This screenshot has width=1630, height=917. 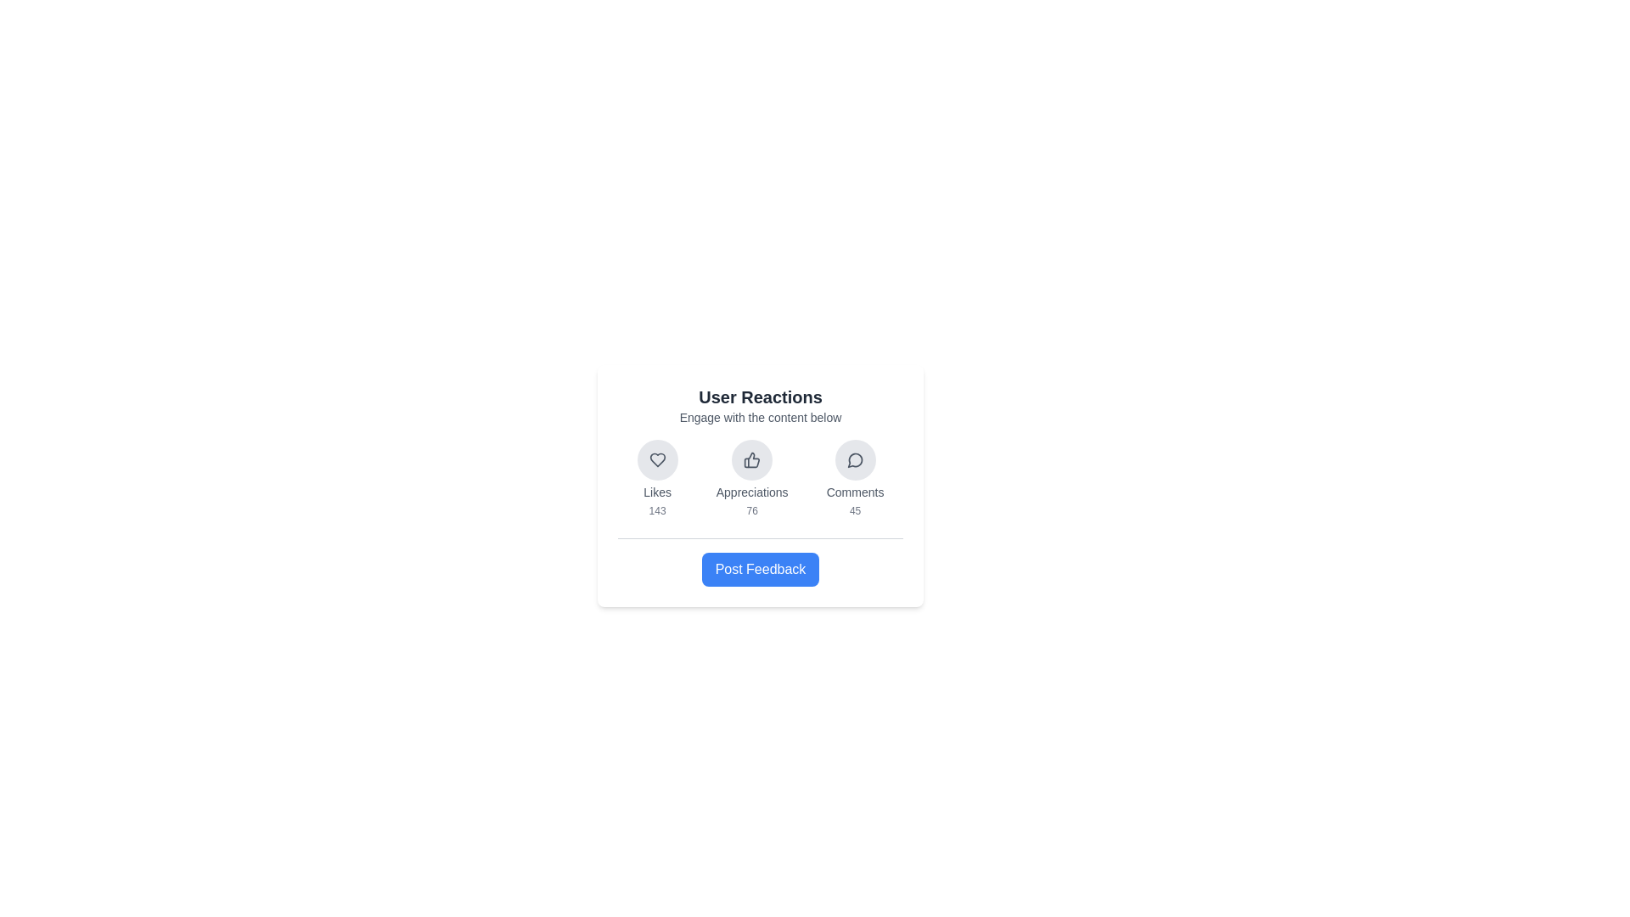 I want to click on the numeric data displayed in the composite information display widget that represents the count of appreciations received, which is visually indicated by a thumbs-up icon and accompanying labels, so click(x=751, y=478).